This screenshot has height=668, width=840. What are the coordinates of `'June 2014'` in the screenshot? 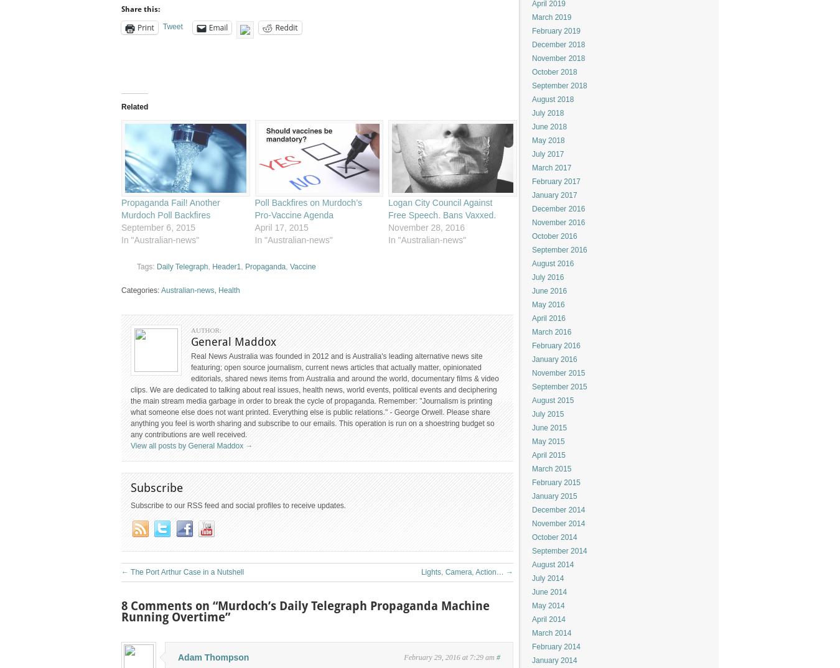 It's located at (531, 591).